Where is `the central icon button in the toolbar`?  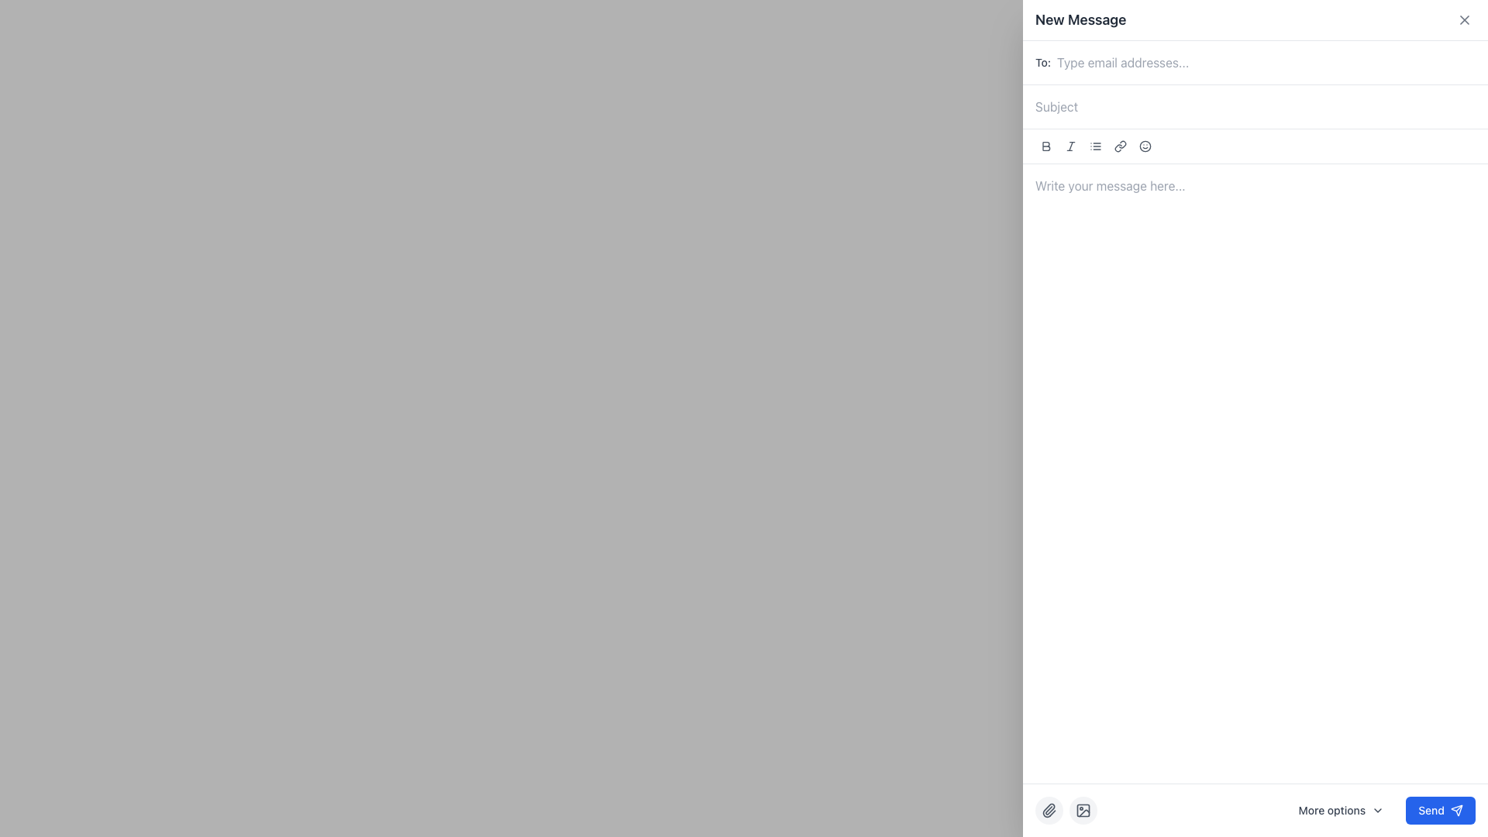
the central icon button in the toolbar is located at coordinates (1045, 146).